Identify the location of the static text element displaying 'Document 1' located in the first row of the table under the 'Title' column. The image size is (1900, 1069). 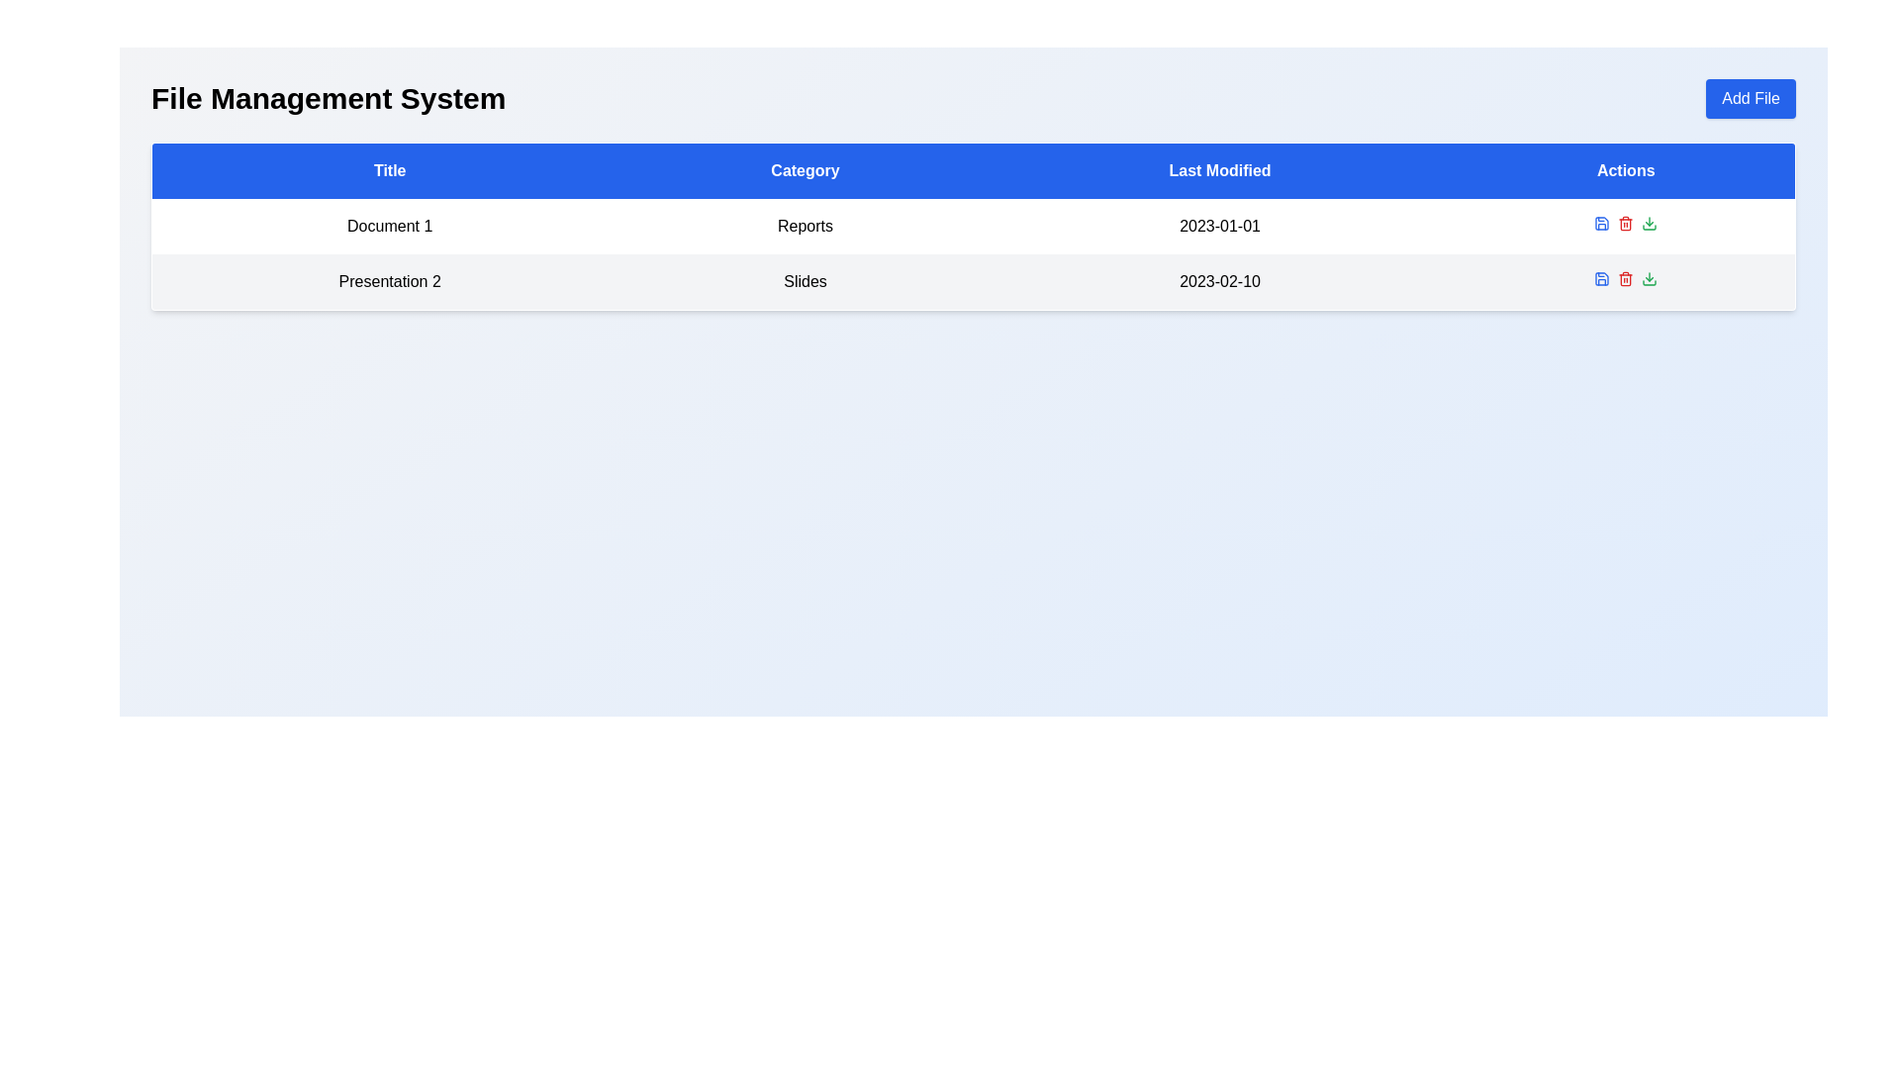
(389, 225).